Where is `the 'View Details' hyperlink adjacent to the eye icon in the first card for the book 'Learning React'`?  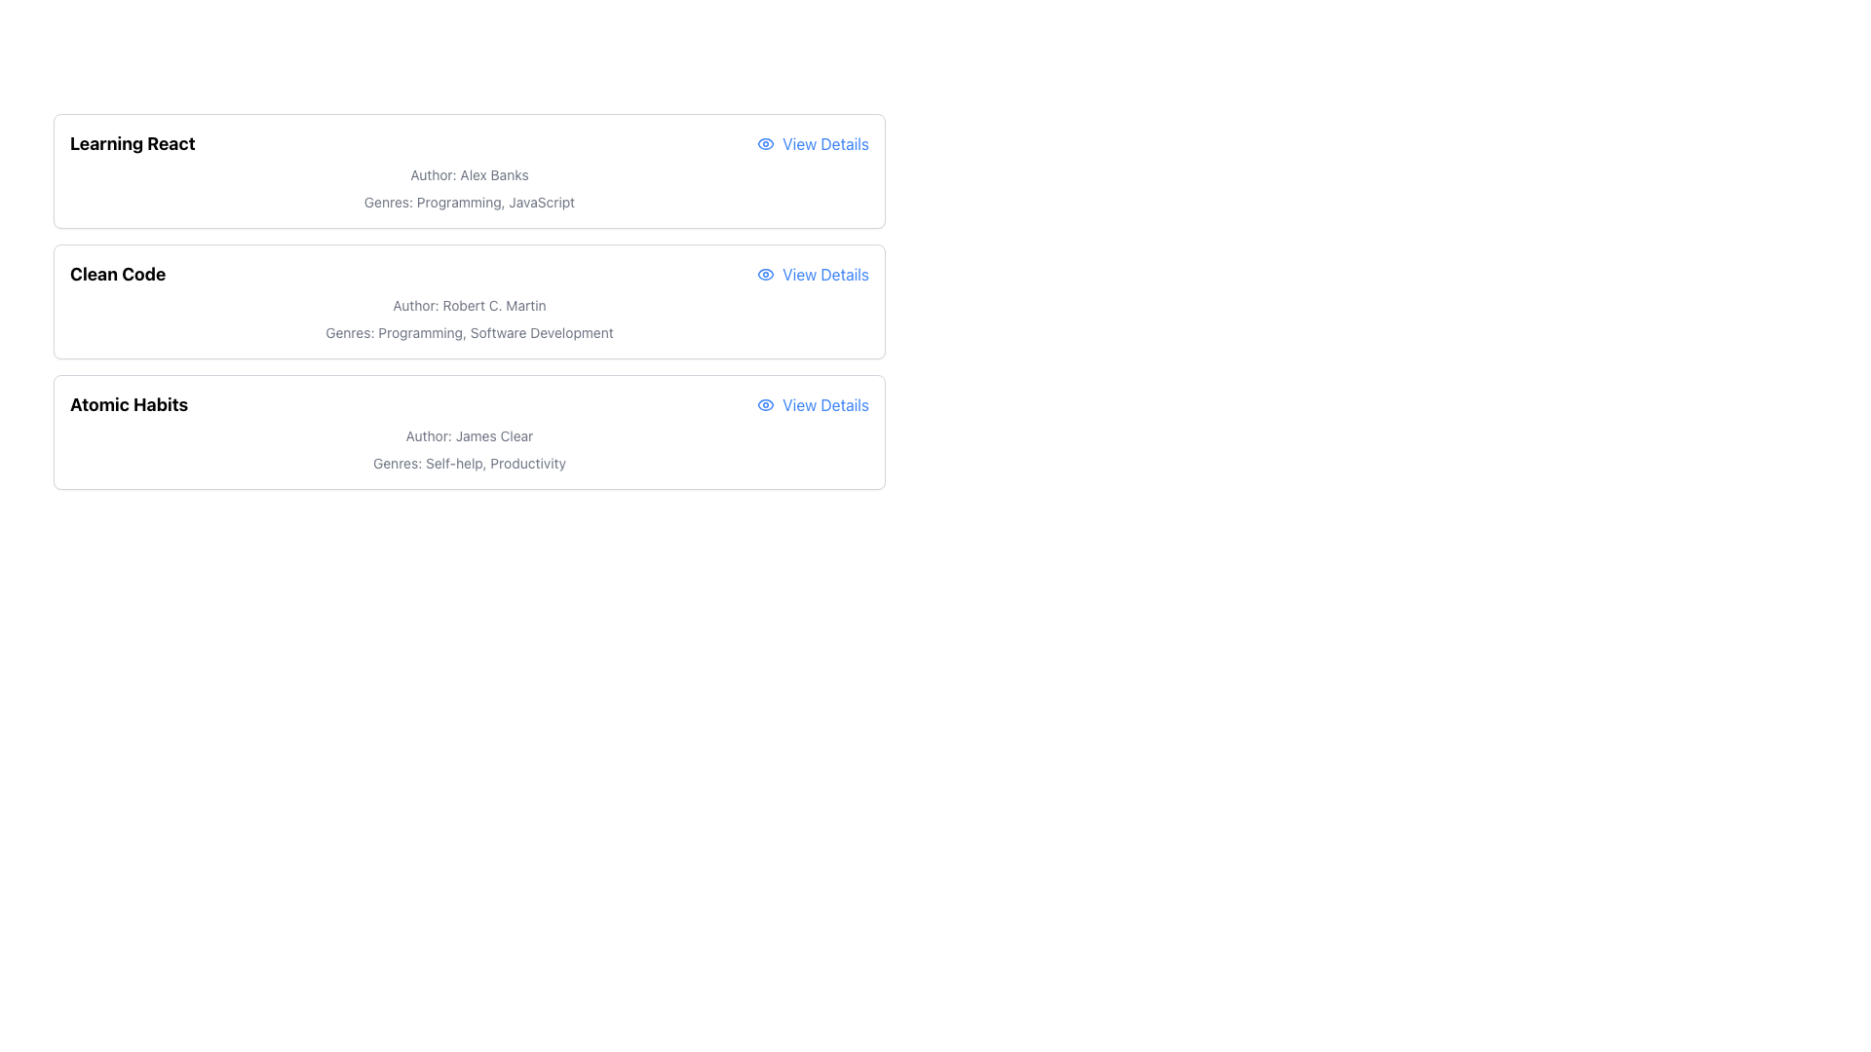 the 'View Details' hyperlink adjacent to the eye icon in the first card for the book 'Learning React' is located at coordinates (765, 142).